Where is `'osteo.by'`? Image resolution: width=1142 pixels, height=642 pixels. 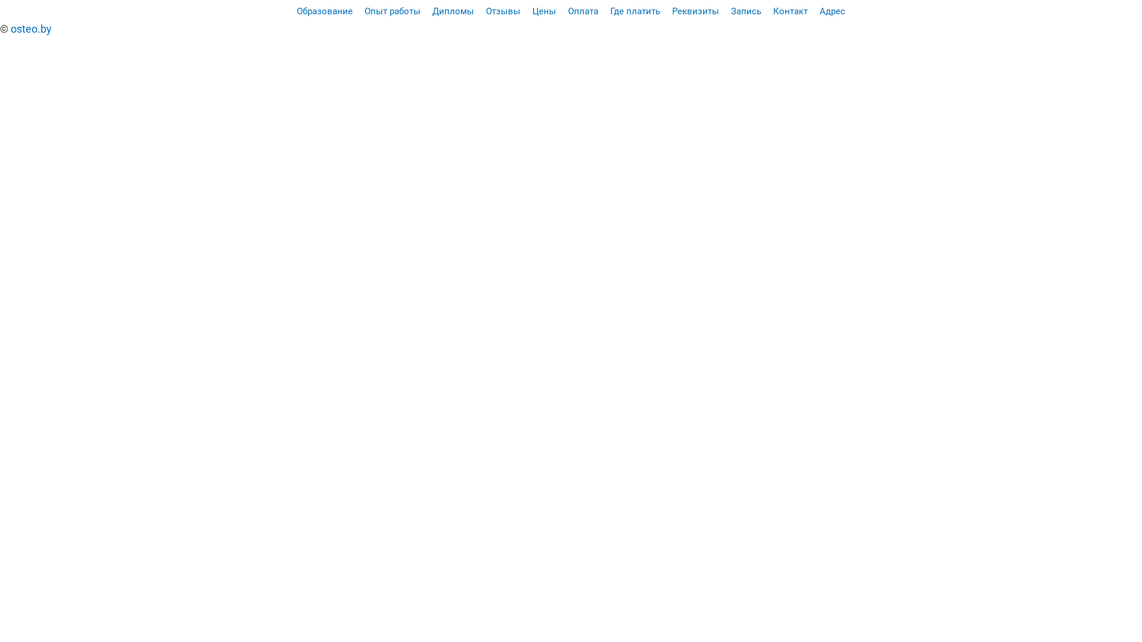
'osteo.by' is located at coordinates (11, 28).